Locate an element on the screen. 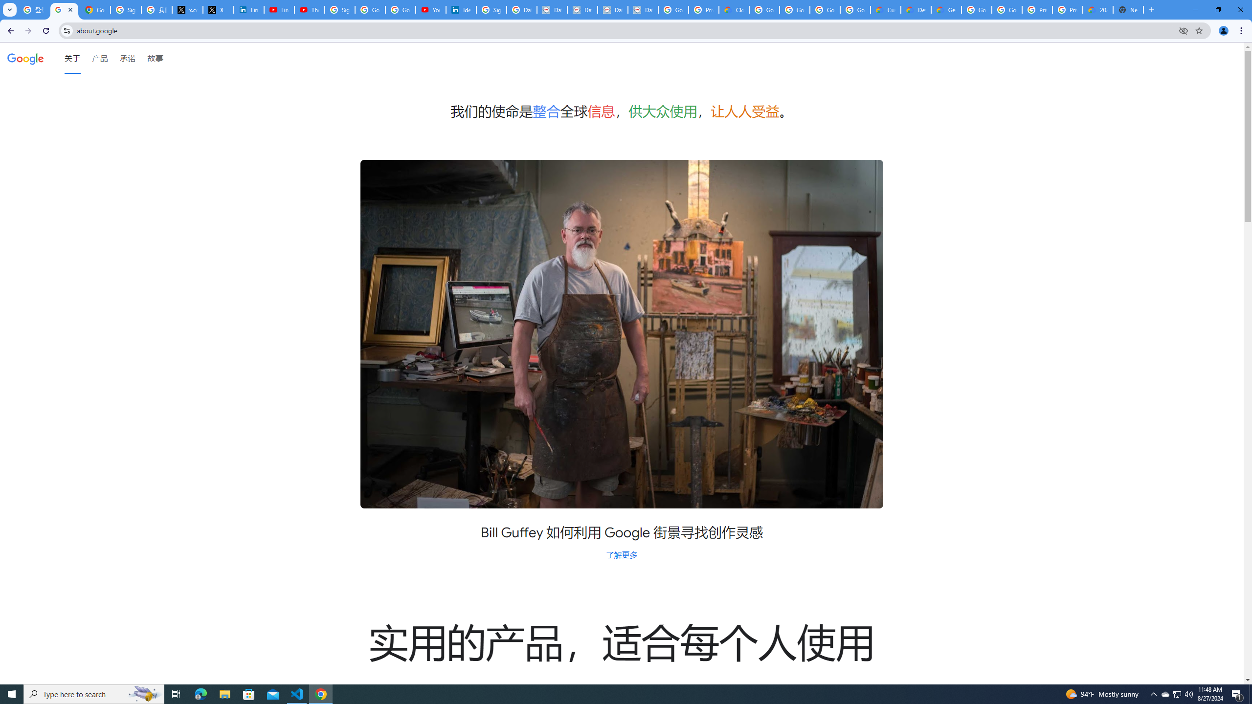  'Data Privacy Framework' is located at coordinates (582, 9).